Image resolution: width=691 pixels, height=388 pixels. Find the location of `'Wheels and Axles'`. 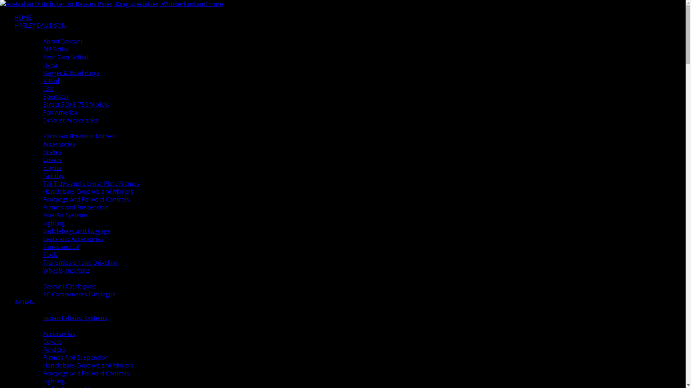

'Wheels and Axles' is located at coordinates (67, 270).